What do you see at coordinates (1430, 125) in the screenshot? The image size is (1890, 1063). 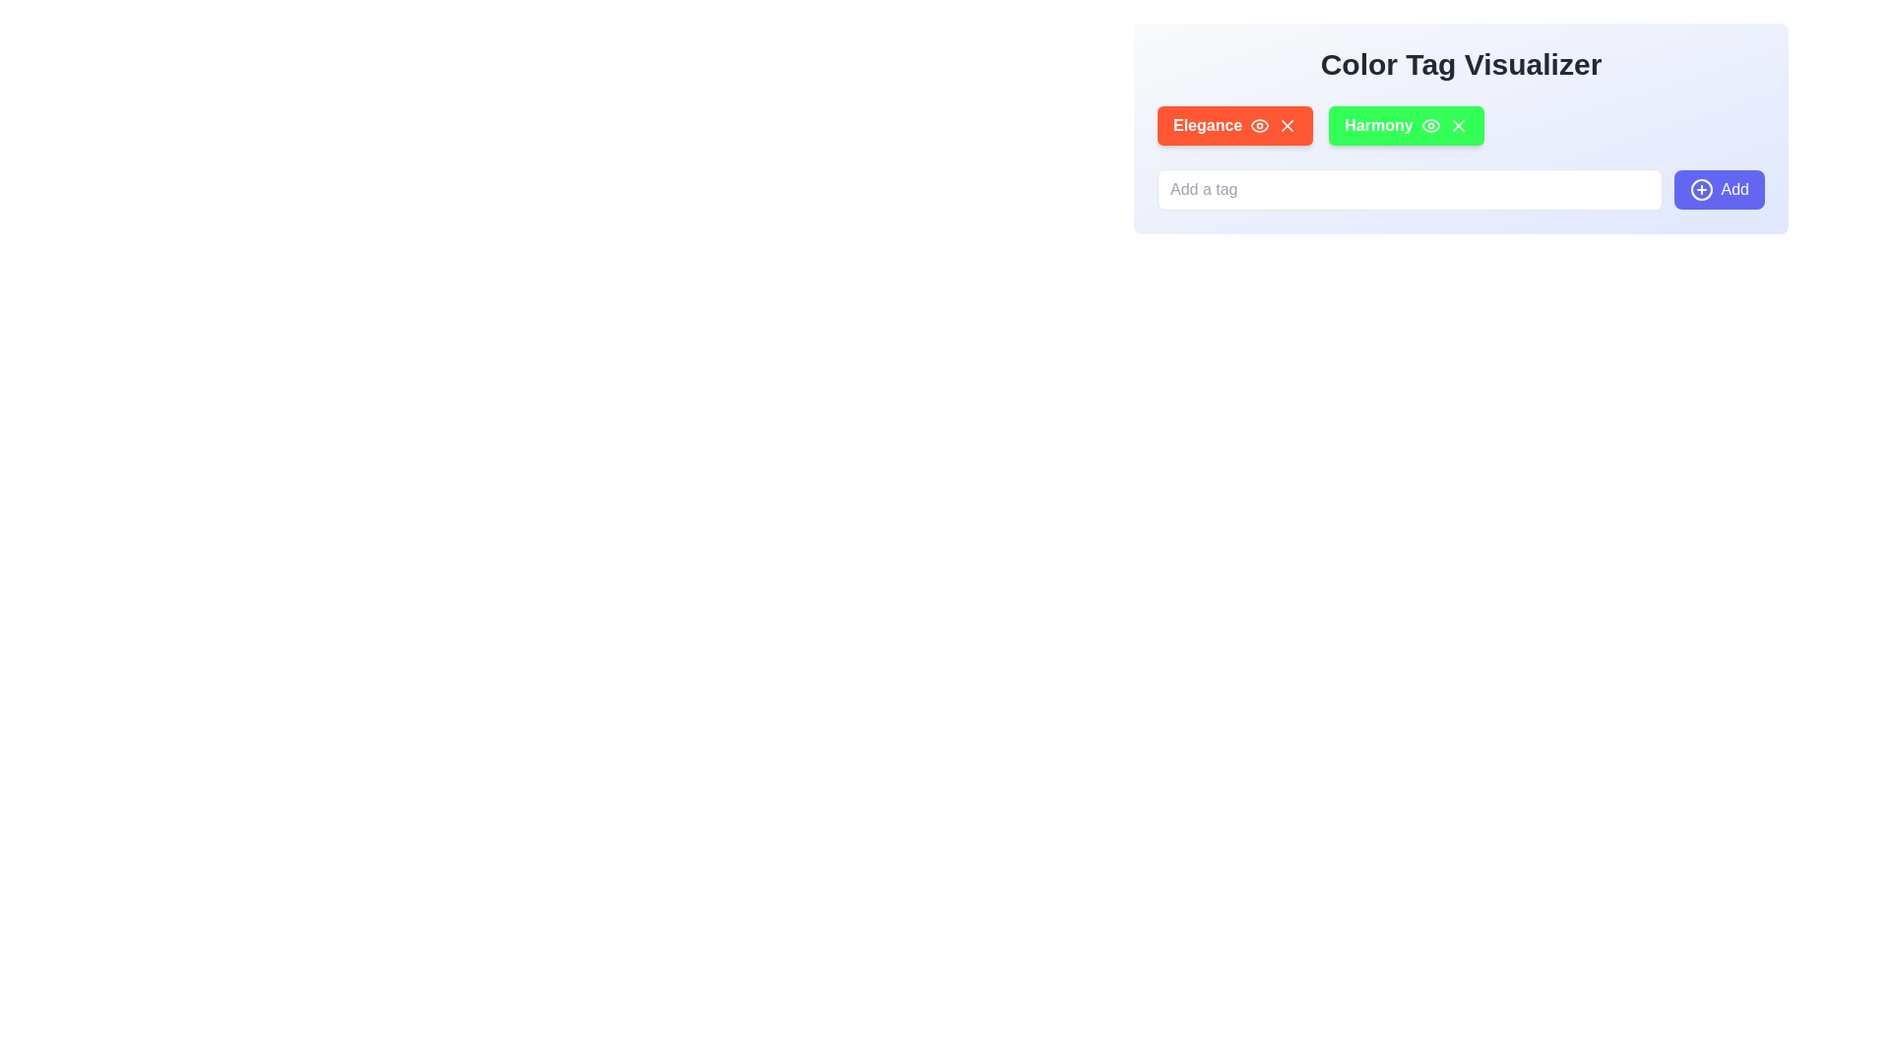 I see `the eye icon symbol, which is part of the 'Harmony' green tag in the 'Color Tag Visualizer' panel, located in the upper right of the interface` at bounding box center [1430, 125].